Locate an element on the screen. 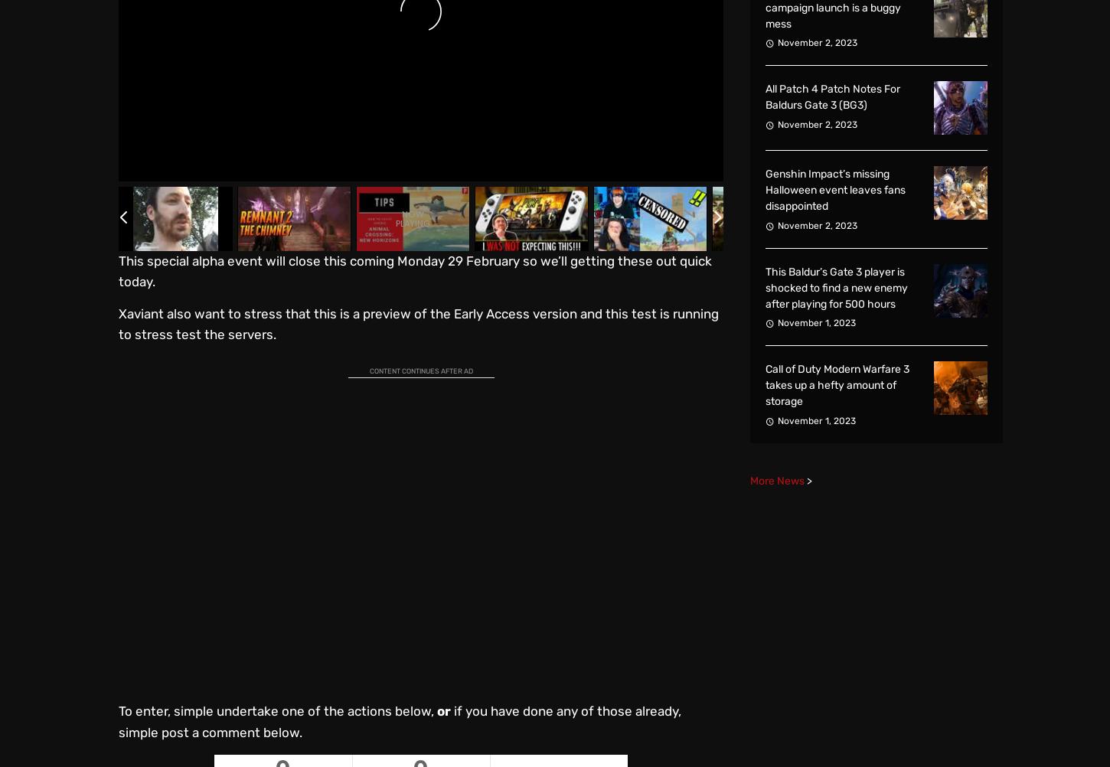  'All Patch 4 Patch Notes For Baldurs Gate 3 (BG3)' is located at coordinates (832, 96).